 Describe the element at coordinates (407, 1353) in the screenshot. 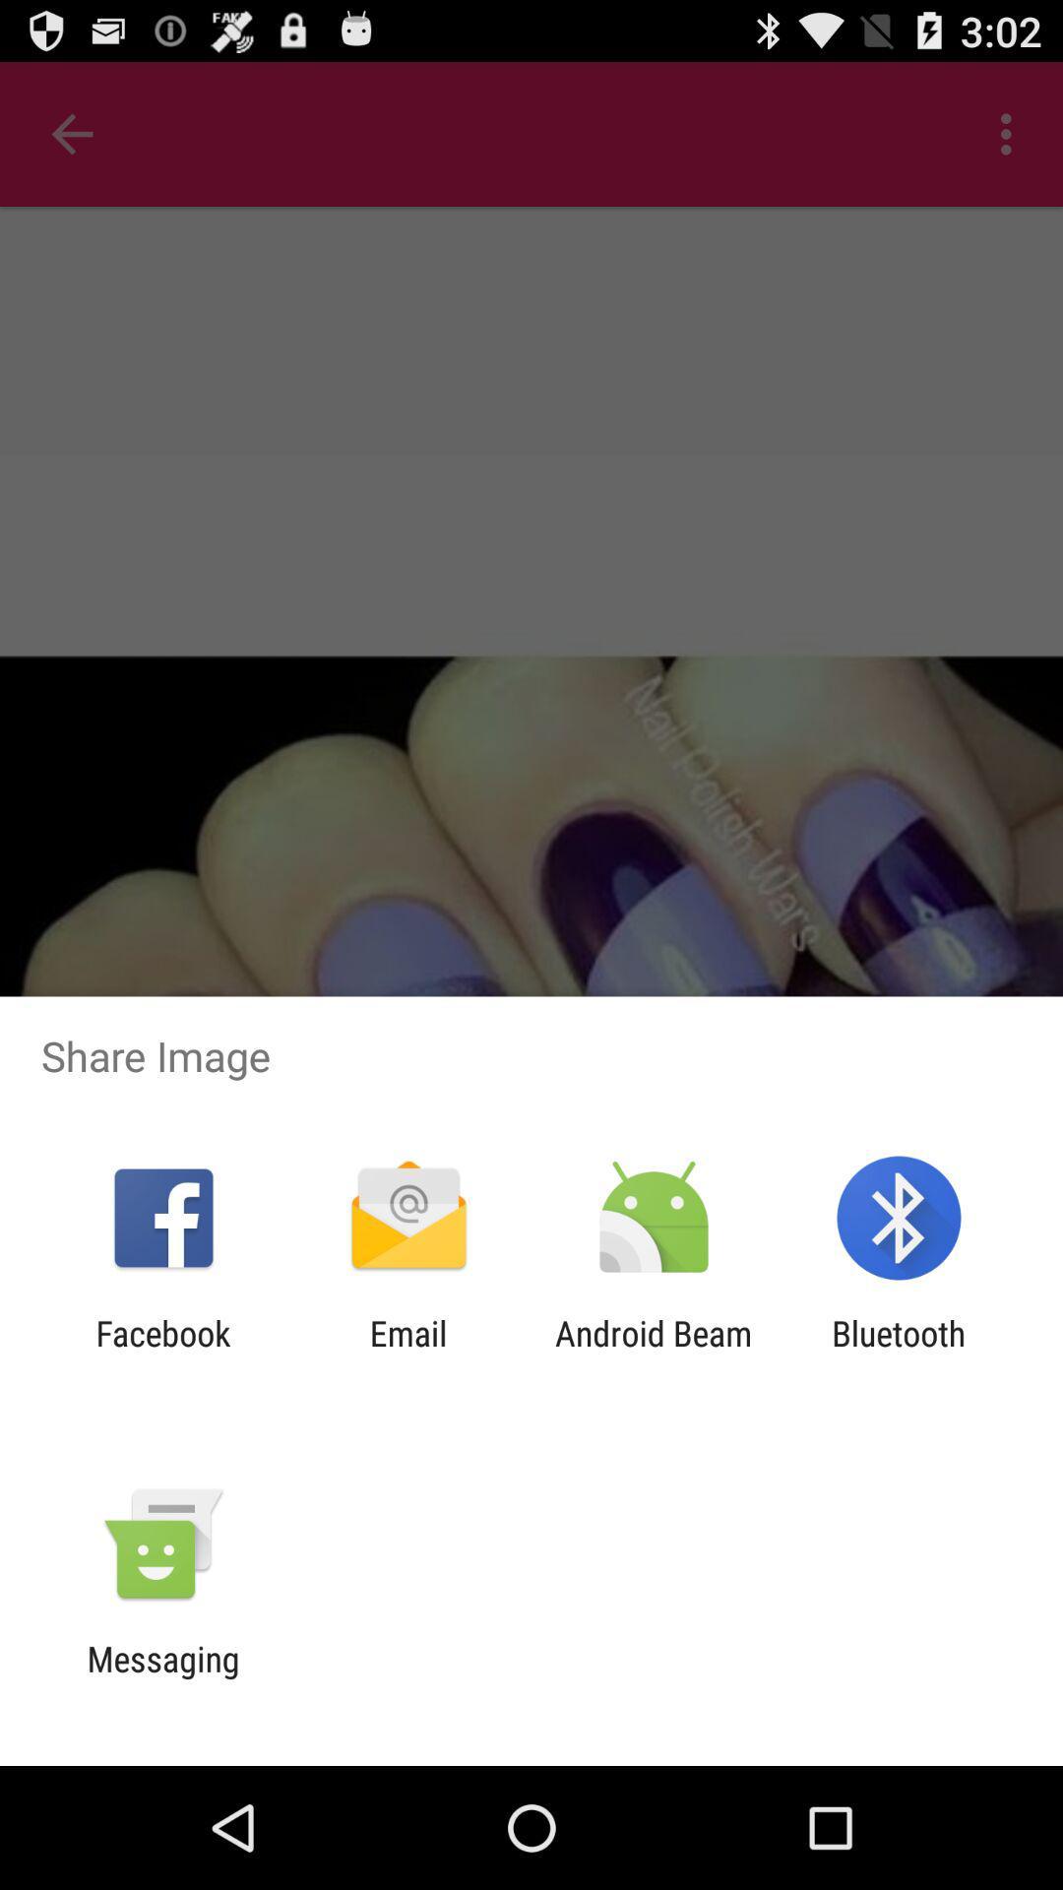

I see `the icon next to the android beam app` at that location.